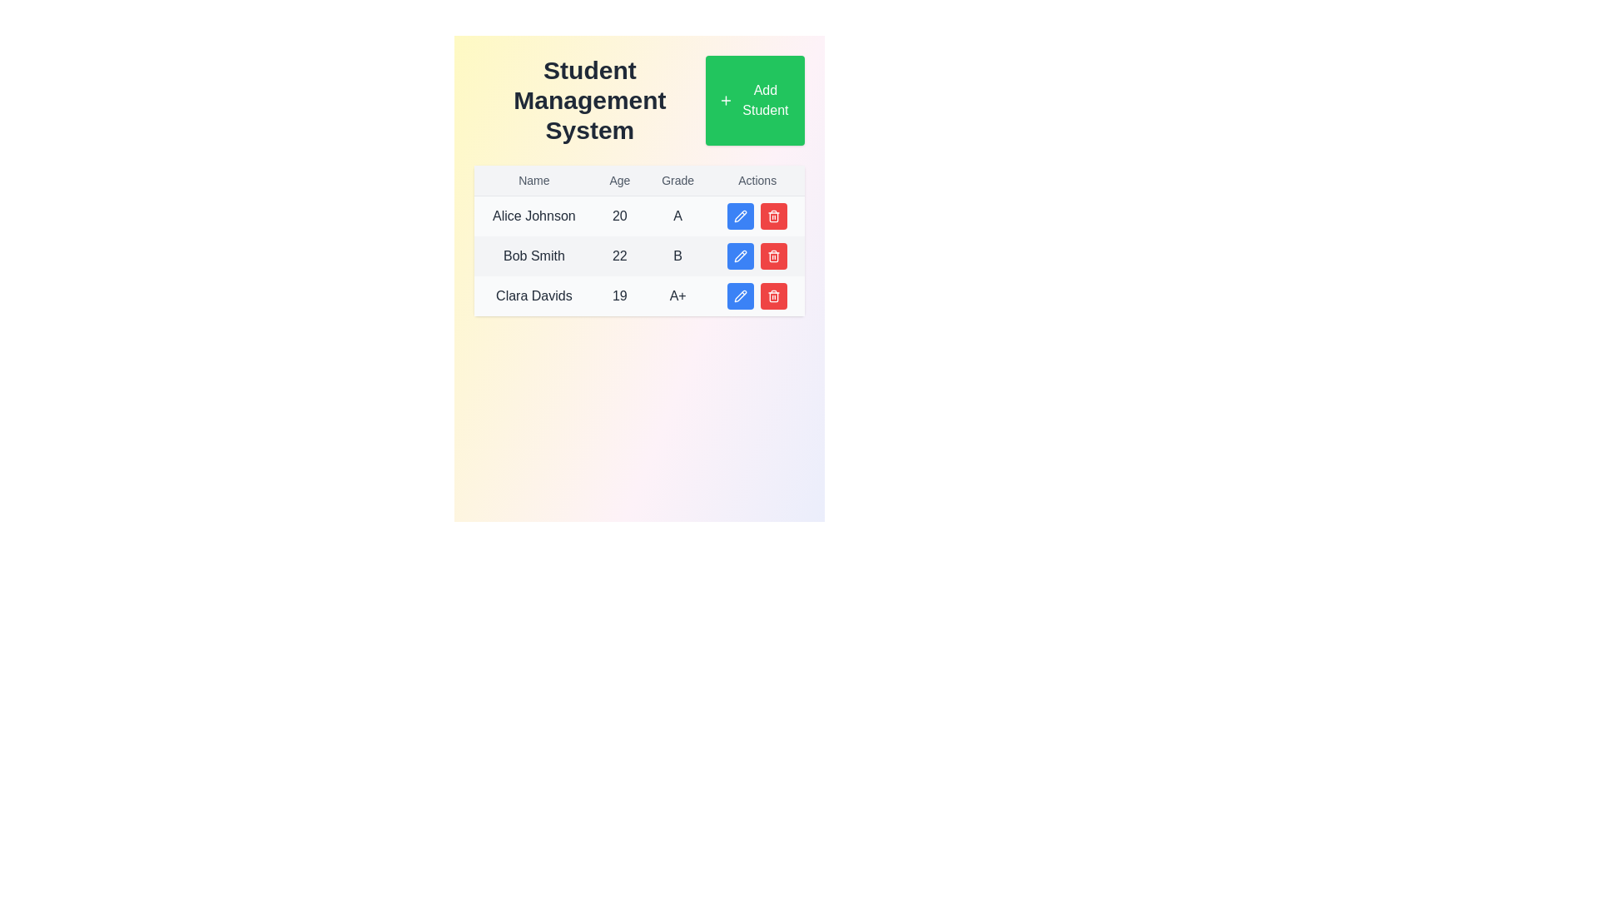  Describe the element at coordinates (638, 241) in the screenshot. I see `the table row displaying information about the student 'Bob Smith'` at that location.